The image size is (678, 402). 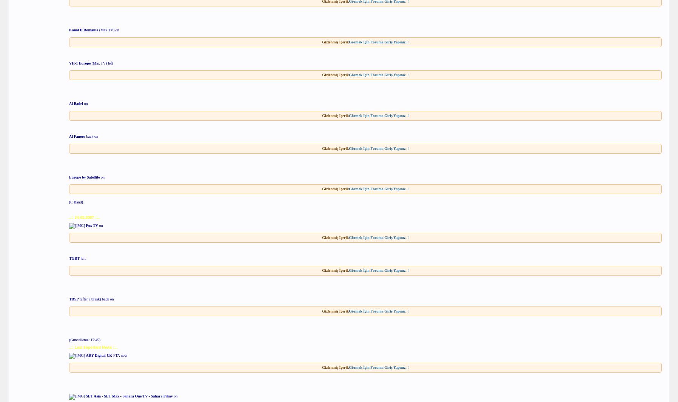 I want to click on '..:: 24-02-2007 ::..', so click(x=84, y=217).